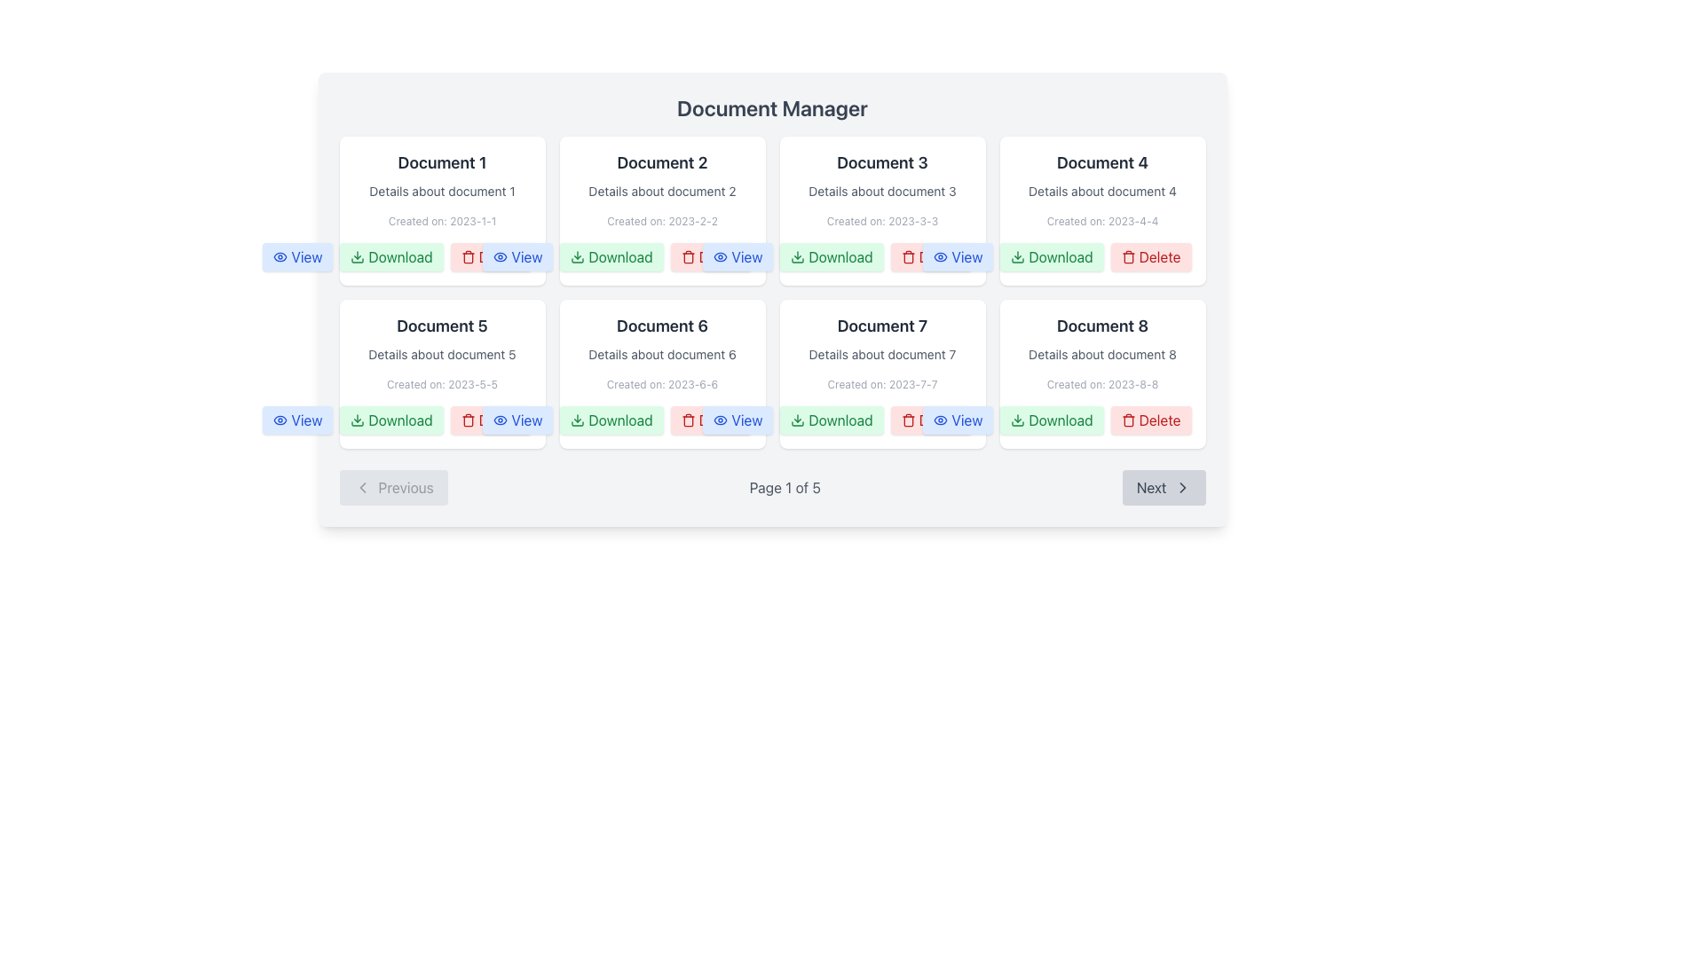 This screenshot has height=958, width=1704. I want to click on the static text label displaying 'Details about document 8' located in the card for 'Document 8', positioned in the middle of the card, below its title and above the creation date, so click(1101, 355).